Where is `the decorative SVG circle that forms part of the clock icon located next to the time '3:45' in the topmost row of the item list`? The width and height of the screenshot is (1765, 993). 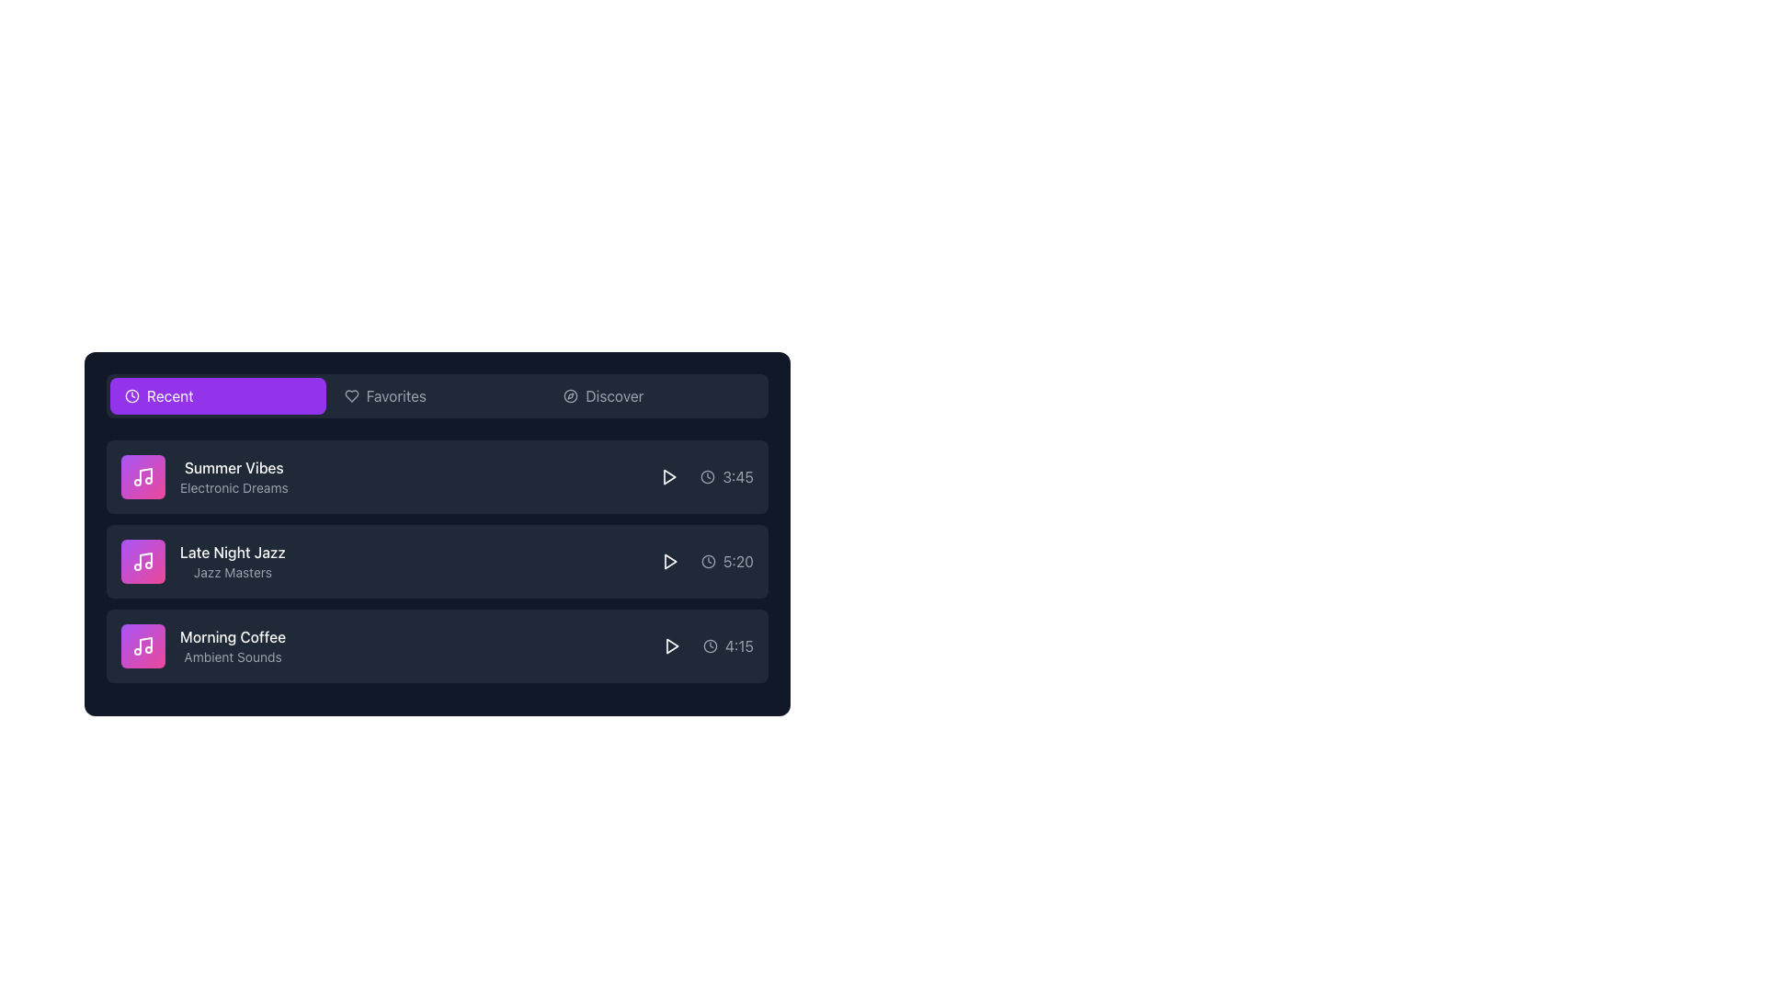 the decorative SVG circle that forms part of the clock icon located next to the time '3:45' in the topmost row of the item list is located at coordinates (707, 476).